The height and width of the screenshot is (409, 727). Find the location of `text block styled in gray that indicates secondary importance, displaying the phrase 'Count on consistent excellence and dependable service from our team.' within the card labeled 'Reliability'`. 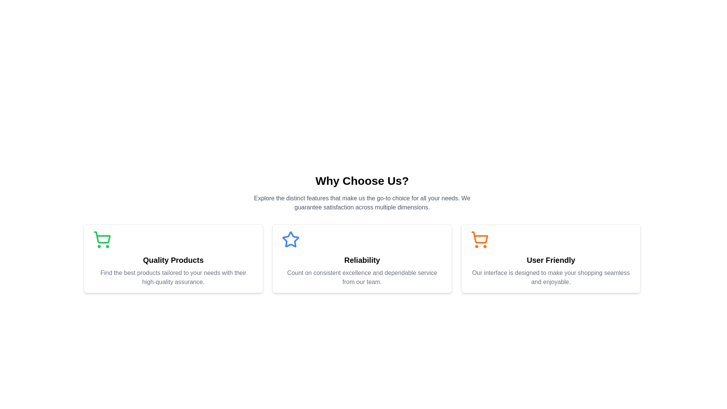

text block styled in gray that indicates secondary importance, displaying the phrase 'Count on consistent excellence and dependable service from our team.' within the card labeled 'Reliability' is located at coordinates (362, 277).